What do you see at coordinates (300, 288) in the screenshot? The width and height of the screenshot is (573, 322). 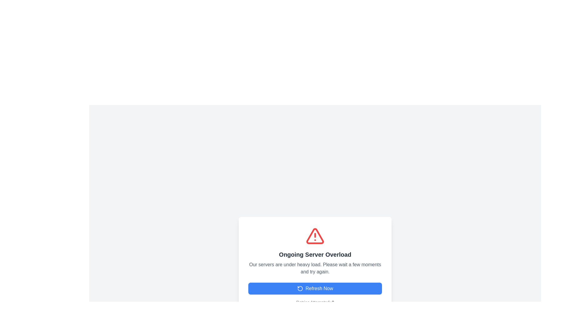 I see `the circular refresh icon located on the left side of the 'Refresh Now' button, which has a blue background and a white counter-clockwise arrow design` at bounding box center [300, 288].